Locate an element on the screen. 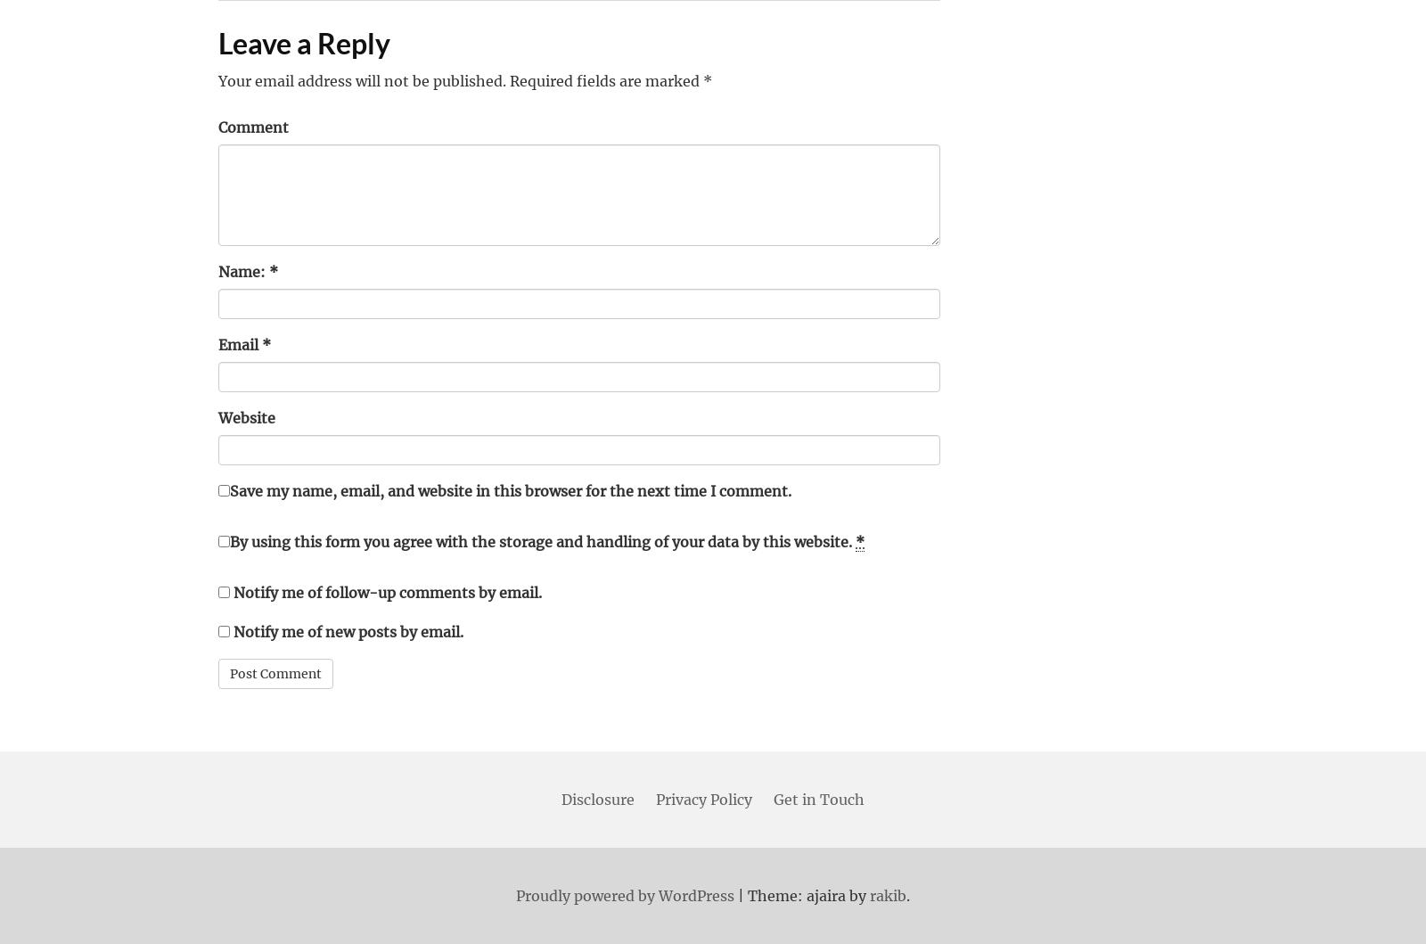 This screenshot has width=1426, height=944. 'Notify me of follow-up comments by email.' is located at coordinates (387, 591).